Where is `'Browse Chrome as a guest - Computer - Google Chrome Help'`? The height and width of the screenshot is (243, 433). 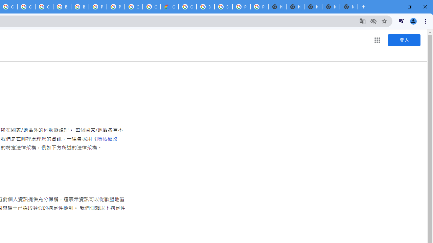 'Browse Chrome as a guest - Computer - Google Chrome Help' is located at coordinates (62, 7).